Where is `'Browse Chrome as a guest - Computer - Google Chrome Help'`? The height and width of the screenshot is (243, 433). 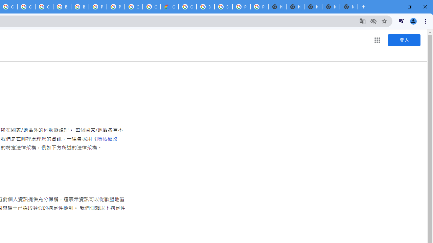 'Browse Chrome as a guest - Computer - Google Chrome Help' is located at coordinates (62, 7).